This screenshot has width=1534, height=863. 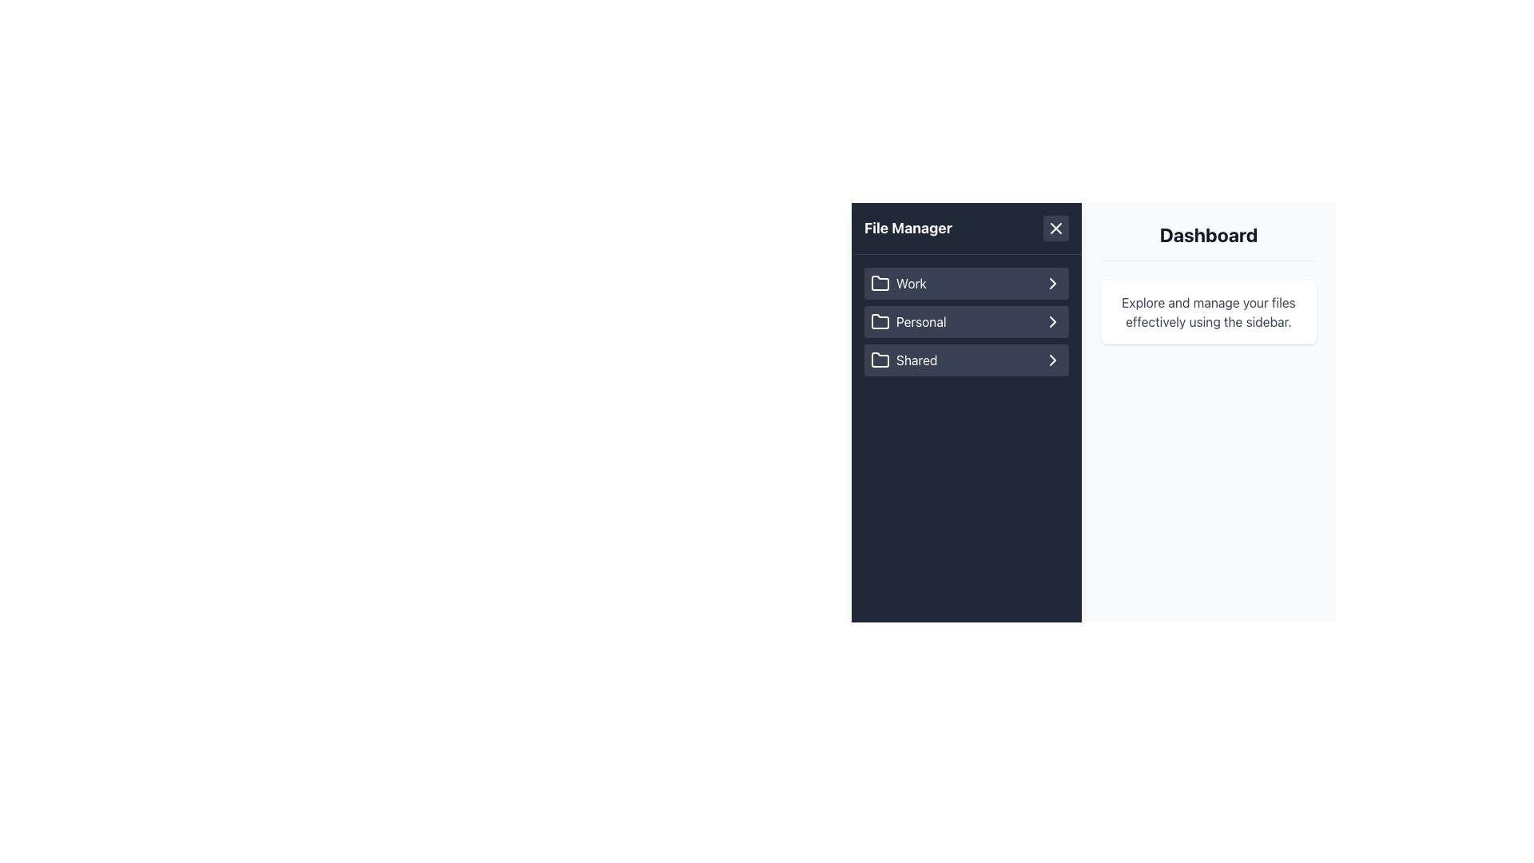 What do you see at coordinates (965, 360) in the screenshot?
I see `the List Item Button labeled 'Shared' in the File Manager sidebar for additional context` at bounding box center [965, 360].